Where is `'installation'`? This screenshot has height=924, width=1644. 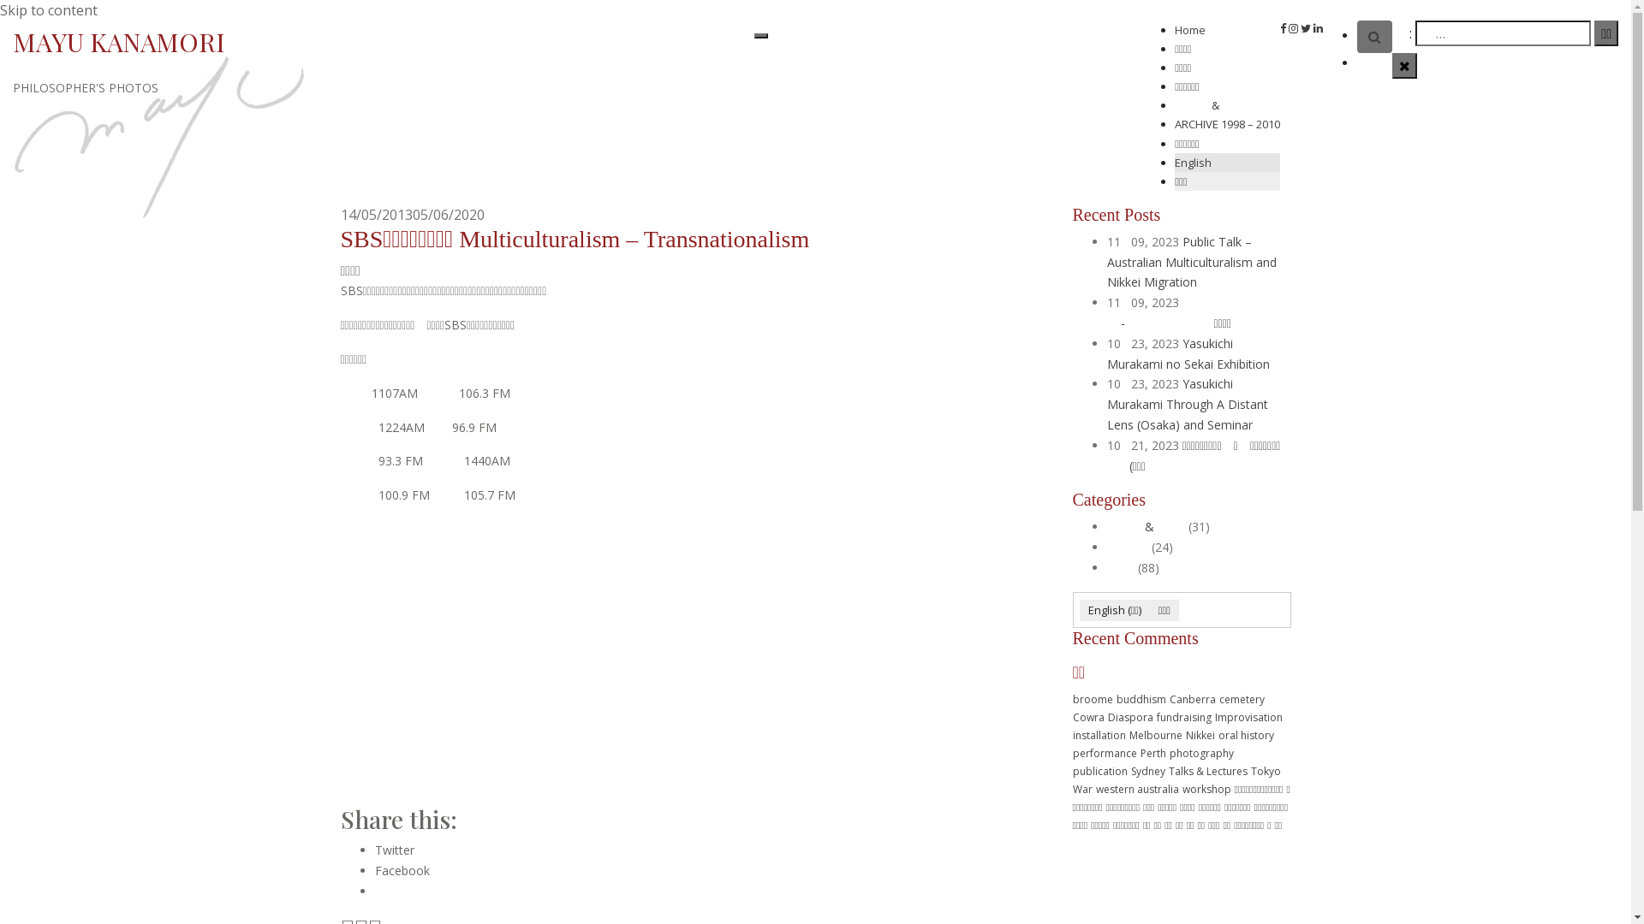
'installation' is located at coordinates (1098, 734).